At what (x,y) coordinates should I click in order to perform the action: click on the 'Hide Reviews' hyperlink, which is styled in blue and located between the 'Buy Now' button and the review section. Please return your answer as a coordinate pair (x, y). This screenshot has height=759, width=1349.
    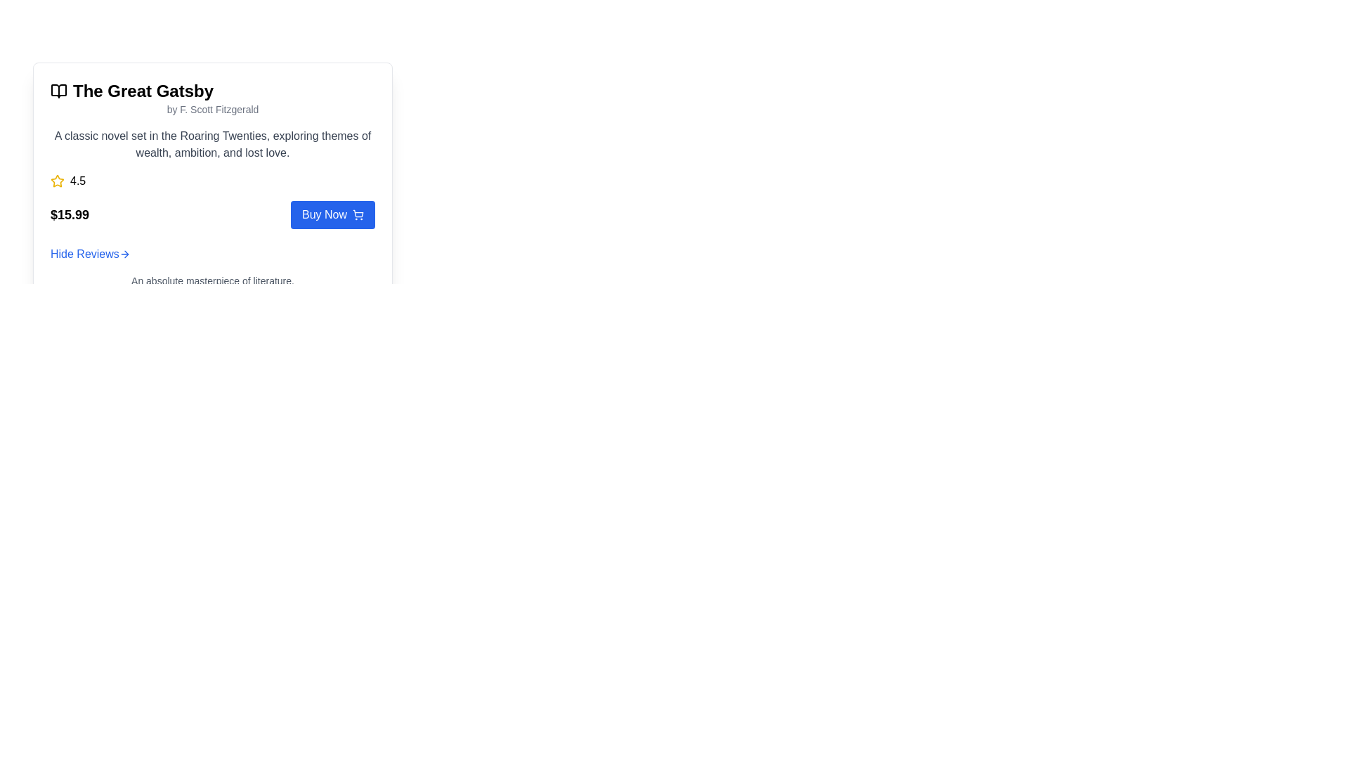
    Looking at the image, I should click on (89, 254).